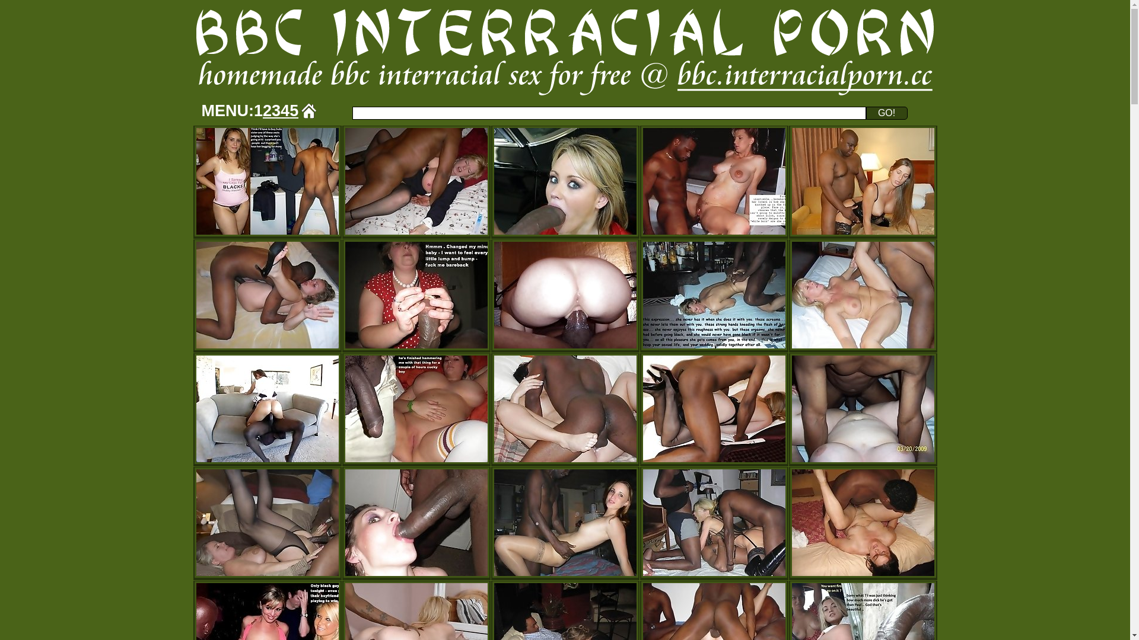 The width and height of the screenshot is (1139, 640). Describe the element at coordinates (309, 110) in the screenshot. I see `'Home'` at that location.